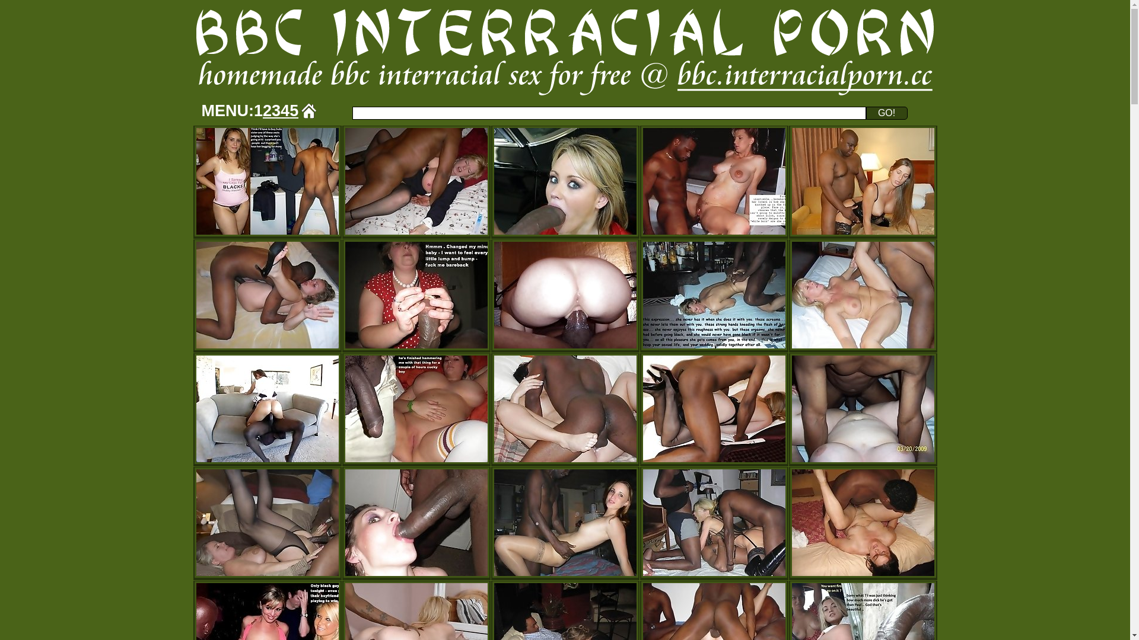 The width and height of the screenshot is (1139, 640). Describe the element at coordinates (309, 110) in the screenshot. I see `'Home'` at that location.